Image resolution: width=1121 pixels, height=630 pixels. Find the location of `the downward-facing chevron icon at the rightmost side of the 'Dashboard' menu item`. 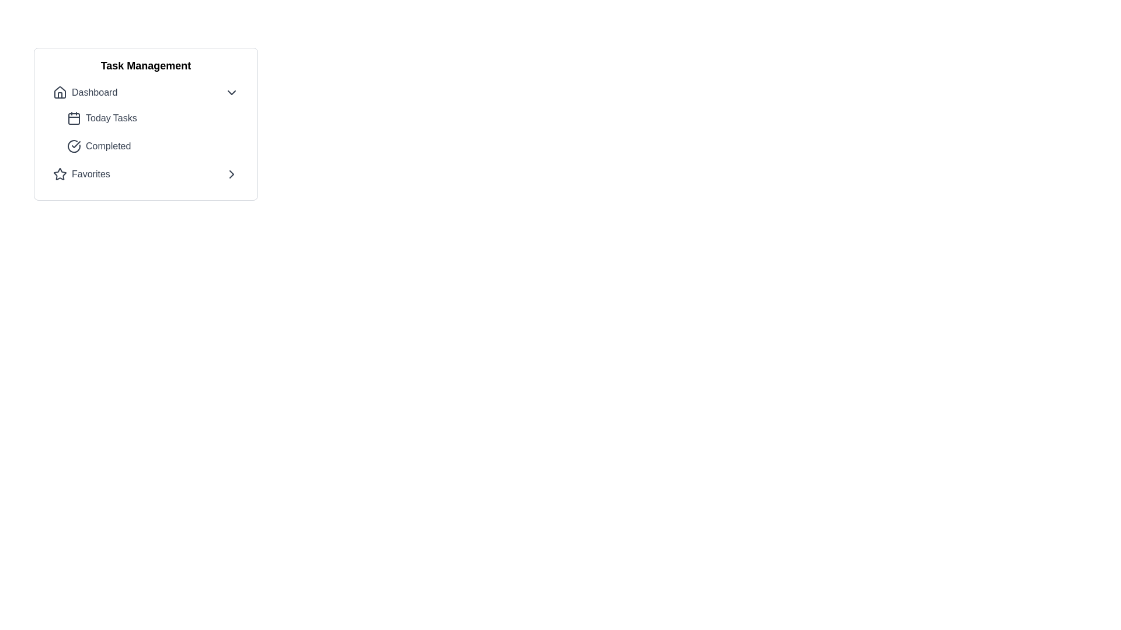

the downward-facing chevron icon at the rightmost side of the 'Dashboard' menu item is located at coordinates (232, 92).